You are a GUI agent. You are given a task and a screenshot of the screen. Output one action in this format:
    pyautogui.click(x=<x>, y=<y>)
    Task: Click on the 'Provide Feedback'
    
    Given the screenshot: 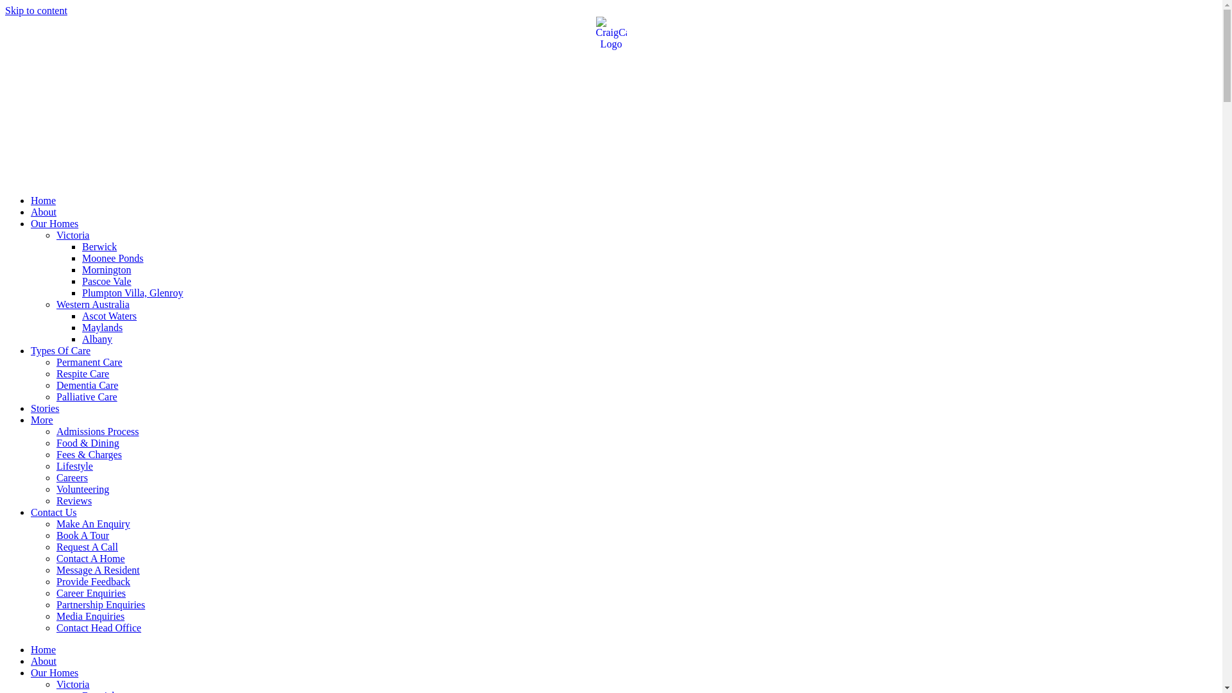 What is the action you would take?
    pyautogui.click(x=92, y=581)
    